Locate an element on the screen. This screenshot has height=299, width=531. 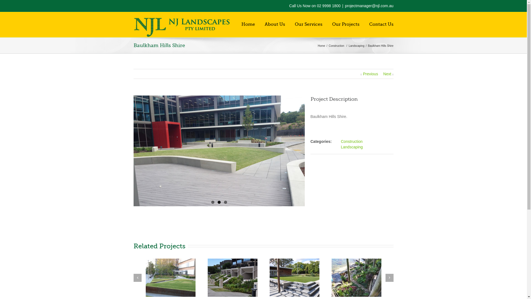
'Previous' is located at coordinates (369, 73).